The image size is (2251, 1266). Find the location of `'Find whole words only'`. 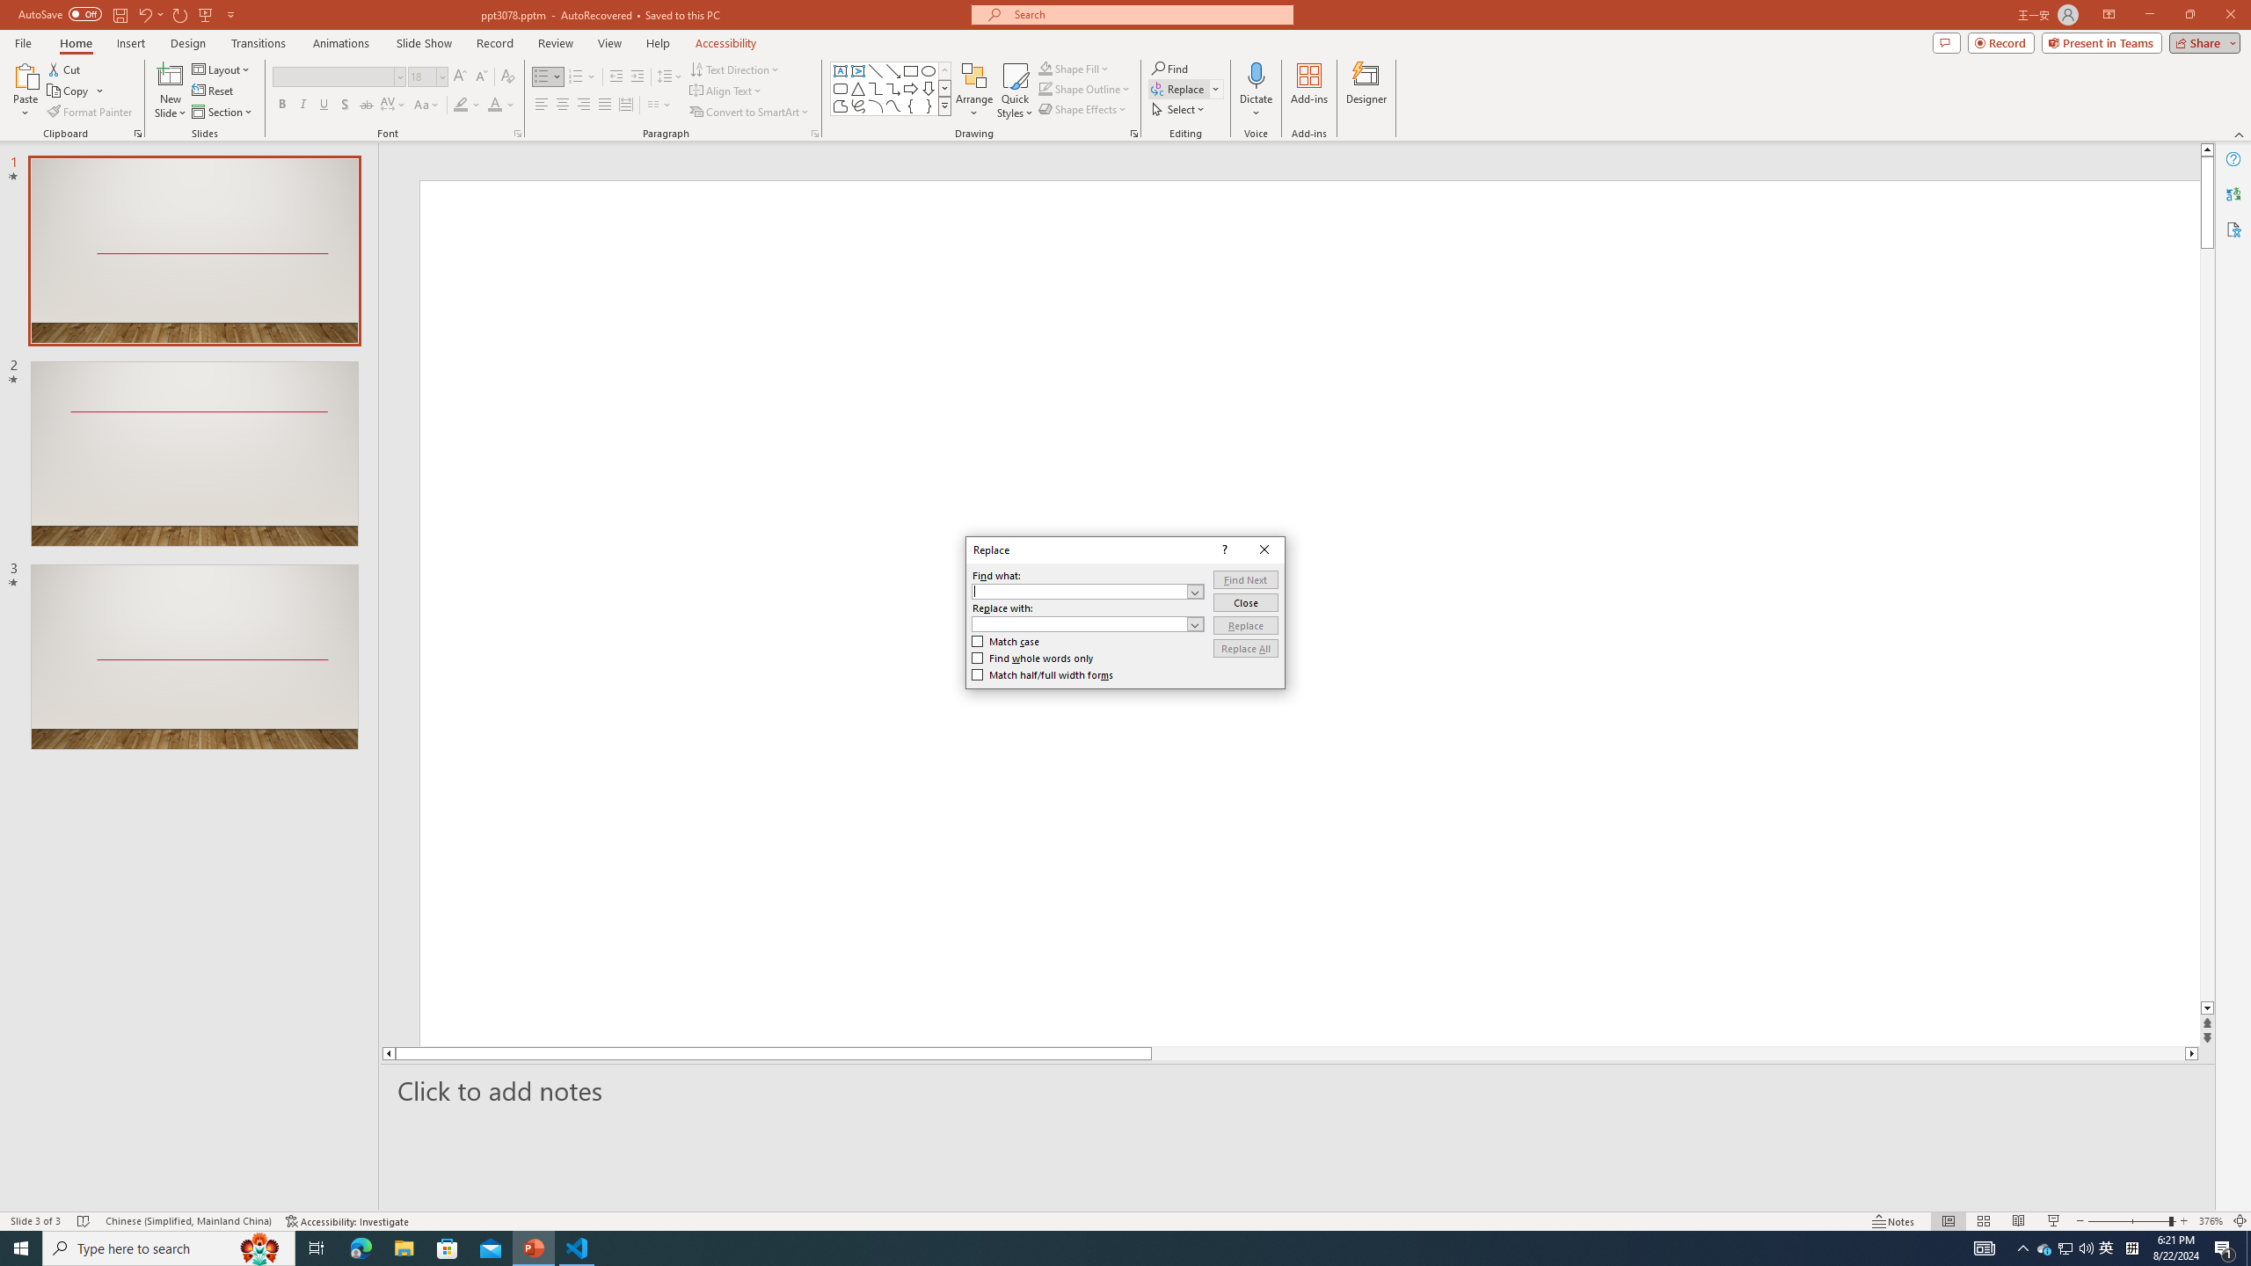

'Find whole words only' is located at coordinates (1032, 658).